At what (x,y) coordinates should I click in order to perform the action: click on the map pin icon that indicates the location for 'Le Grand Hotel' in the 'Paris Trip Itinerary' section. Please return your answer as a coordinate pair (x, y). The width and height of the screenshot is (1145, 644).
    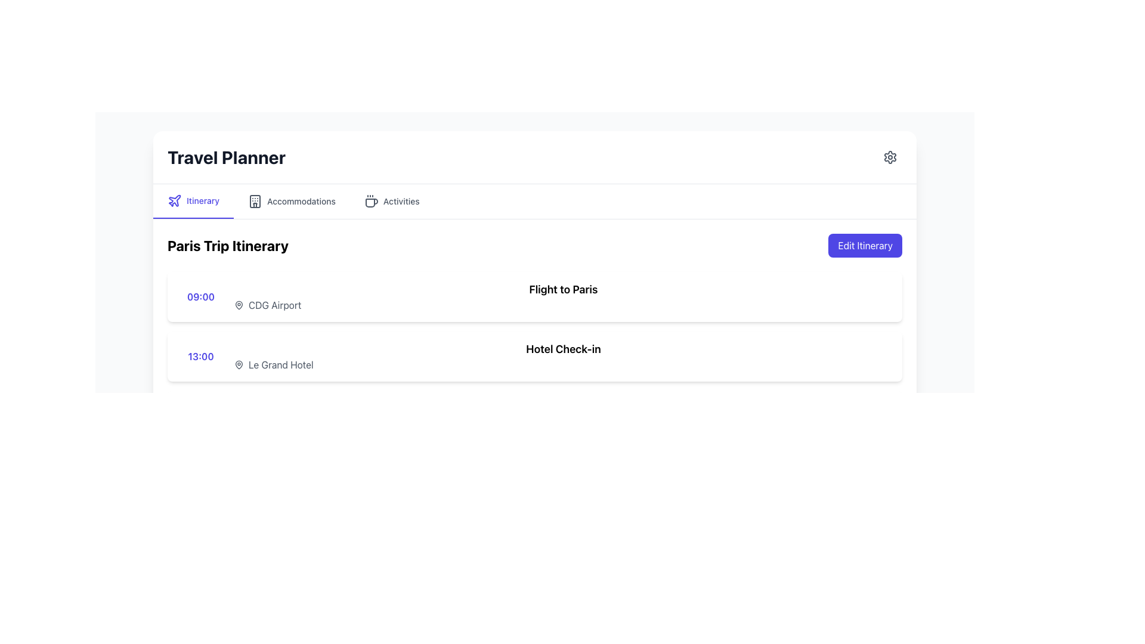
    Looking at the image, I should click on (239, 363).